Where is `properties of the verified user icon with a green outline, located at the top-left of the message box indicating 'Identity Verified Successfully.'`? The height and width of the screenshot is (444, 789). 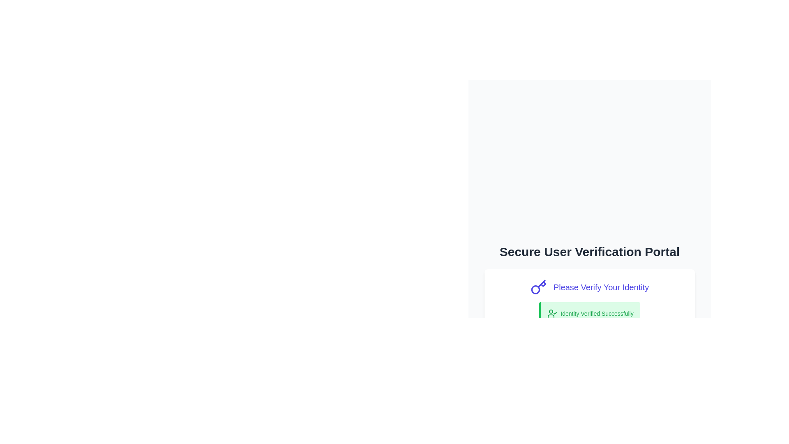
properties of the verified user icon with a green outline, located at the top-left of the message box indicating 'Identity Verified Successfully.' is located at coordinates (552, 314).